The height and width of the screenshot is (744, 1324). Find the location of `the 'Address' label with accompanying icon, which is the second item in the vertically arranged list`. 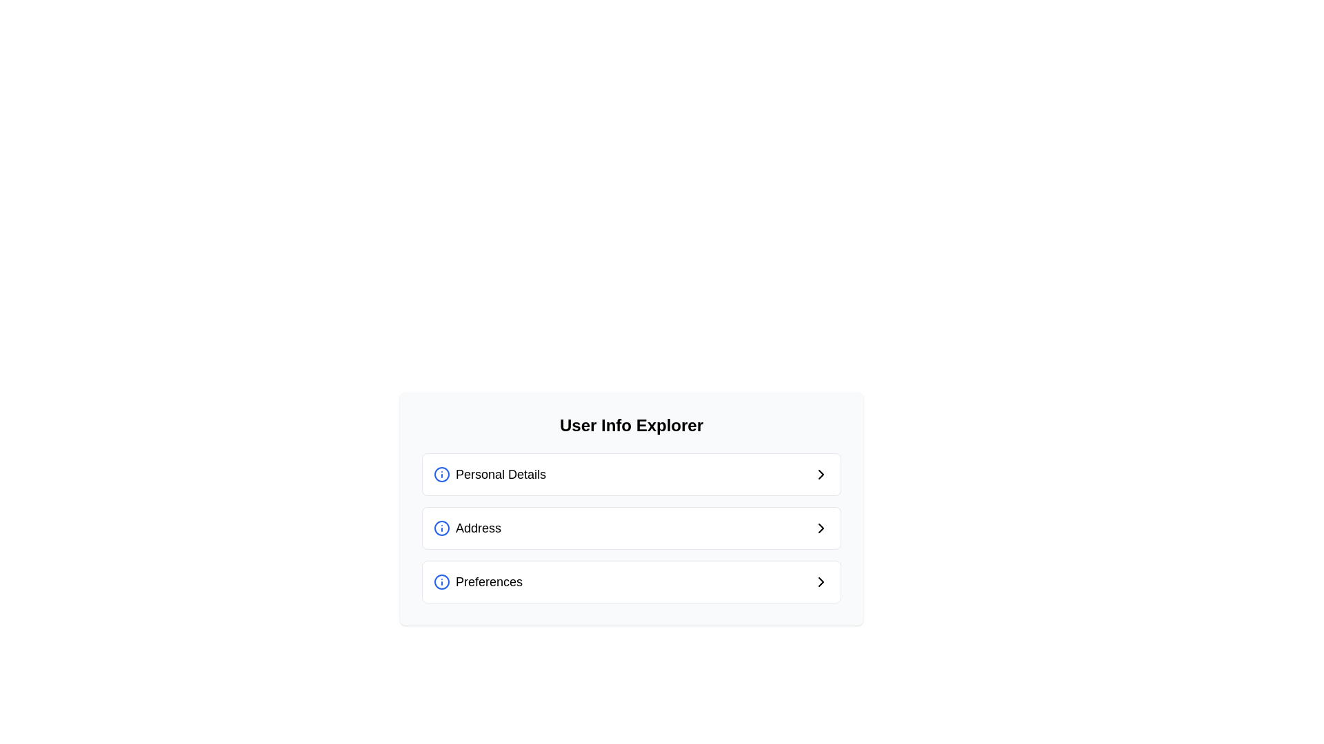

the 'Address' label with accompanying icon, which is the second item in the vertically arranged list is located at coordinates (467, 528).